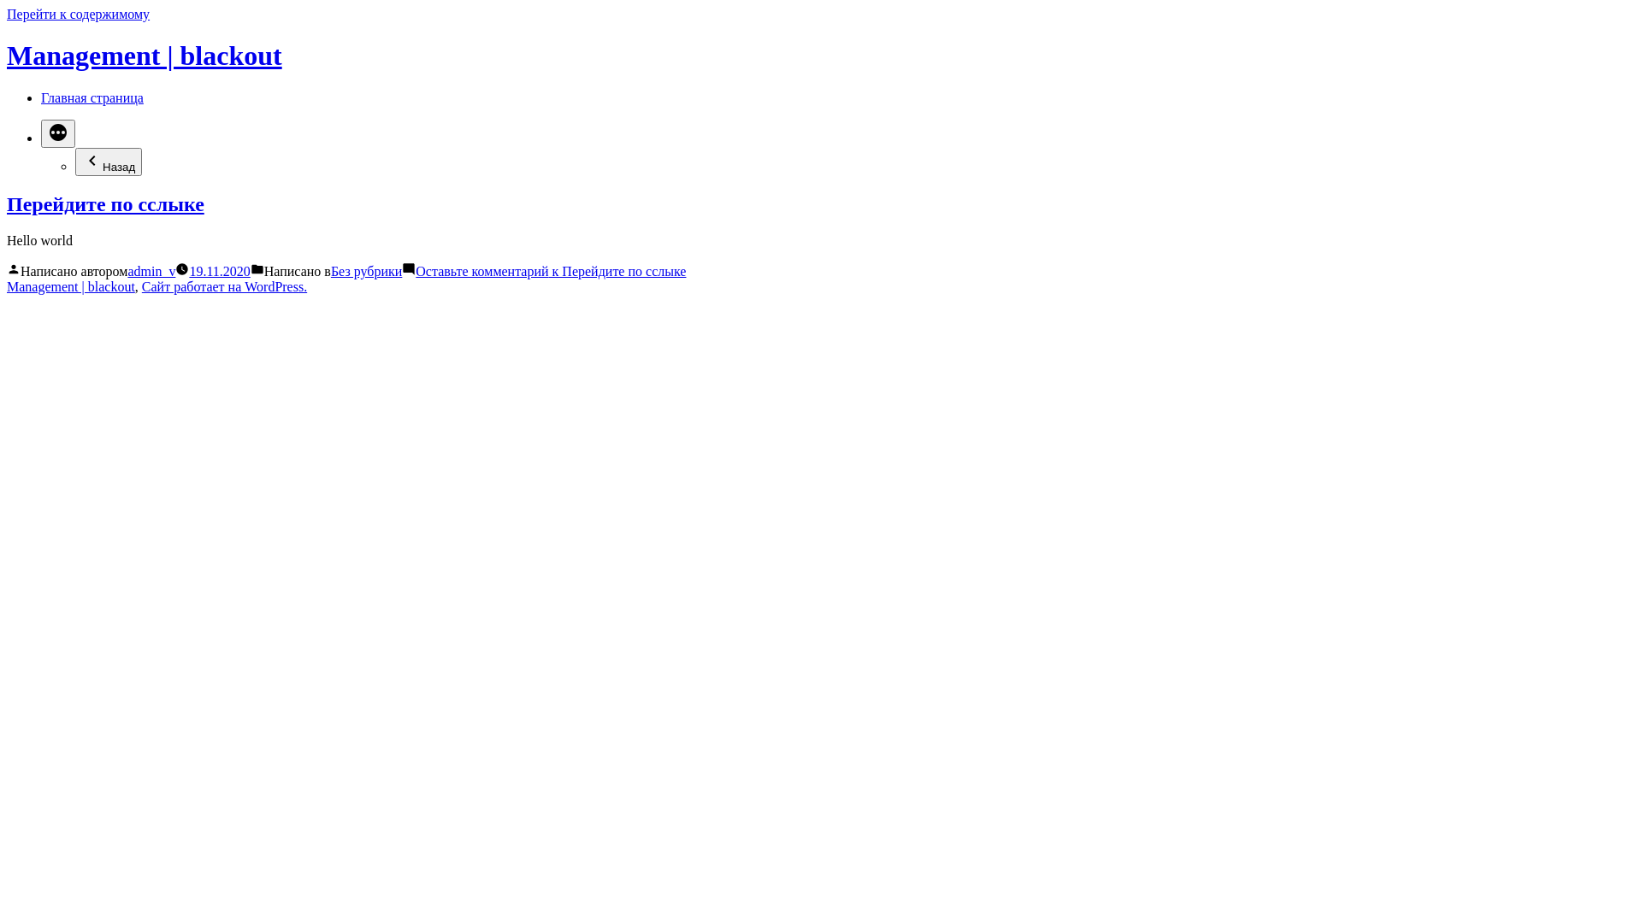 Image resolution: width=1642 pixels, height=923 pixels. Describe the element at coordinates (218, 270) in the screenshot. I see `'19.11.2020'` at that location.